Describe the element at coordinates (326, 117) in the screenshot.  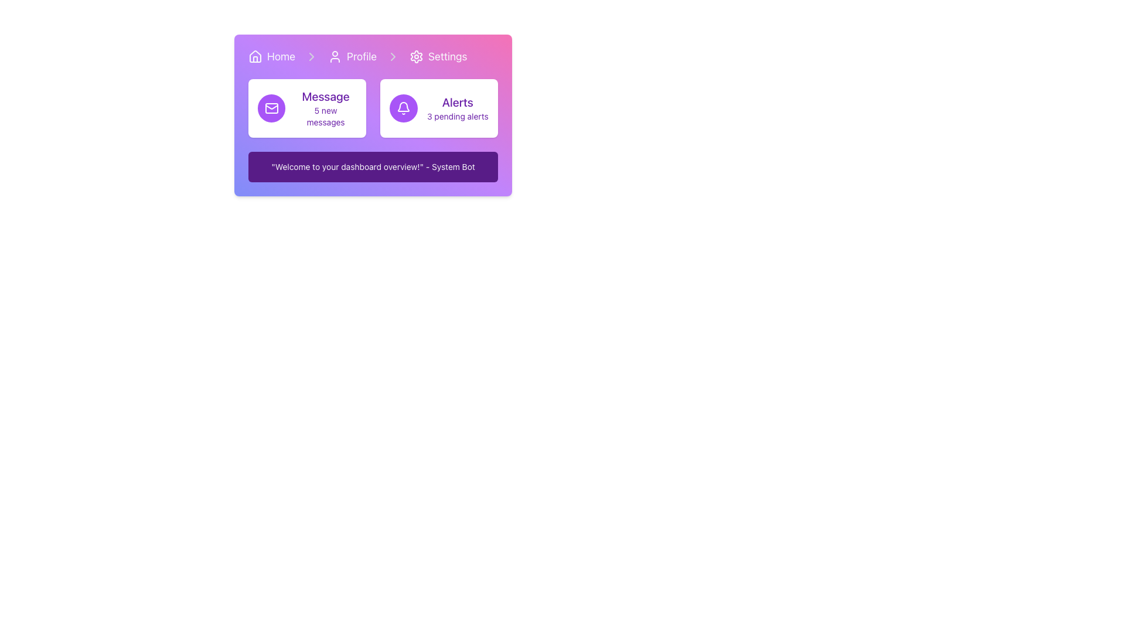
I see `the text label displaying '5 new messages', which is centrally aligned beneath the bolded 'Message' heading in a muted purple color` at that location.